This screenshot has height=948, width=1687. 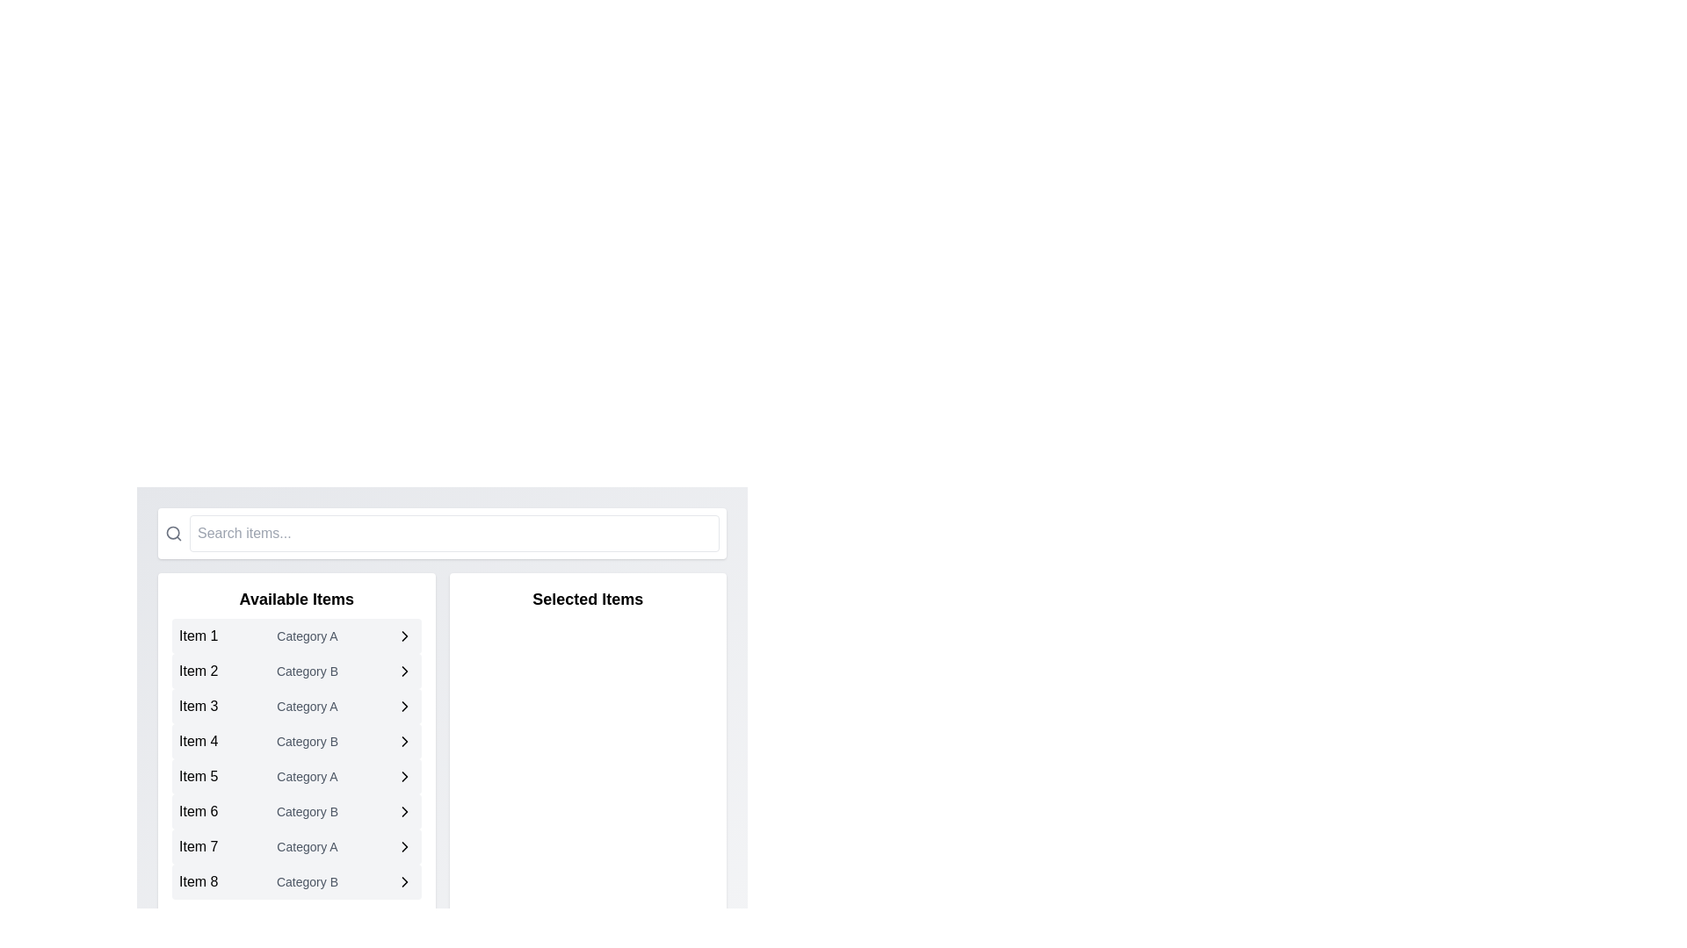 I want to click on the text label 'Item 4' to interact with nearby elements in its row, which includes 'Category B' and an arrow icon, so click(x=199, y=741).